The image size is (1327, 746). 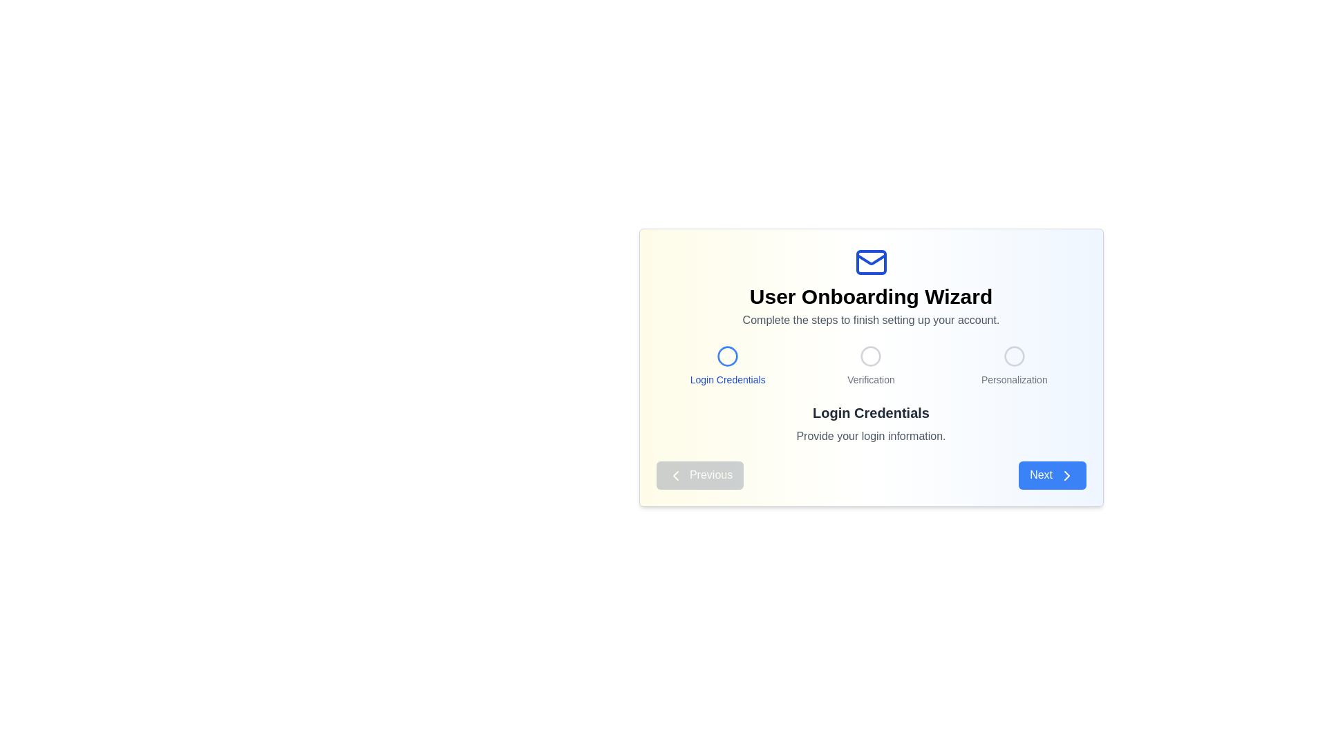 I want to click on the right-facing chevron icon within the 'Next' button located at the bottom-right corner of the 'User Onboarding Wizard' card, so click(x=1066, y=475).